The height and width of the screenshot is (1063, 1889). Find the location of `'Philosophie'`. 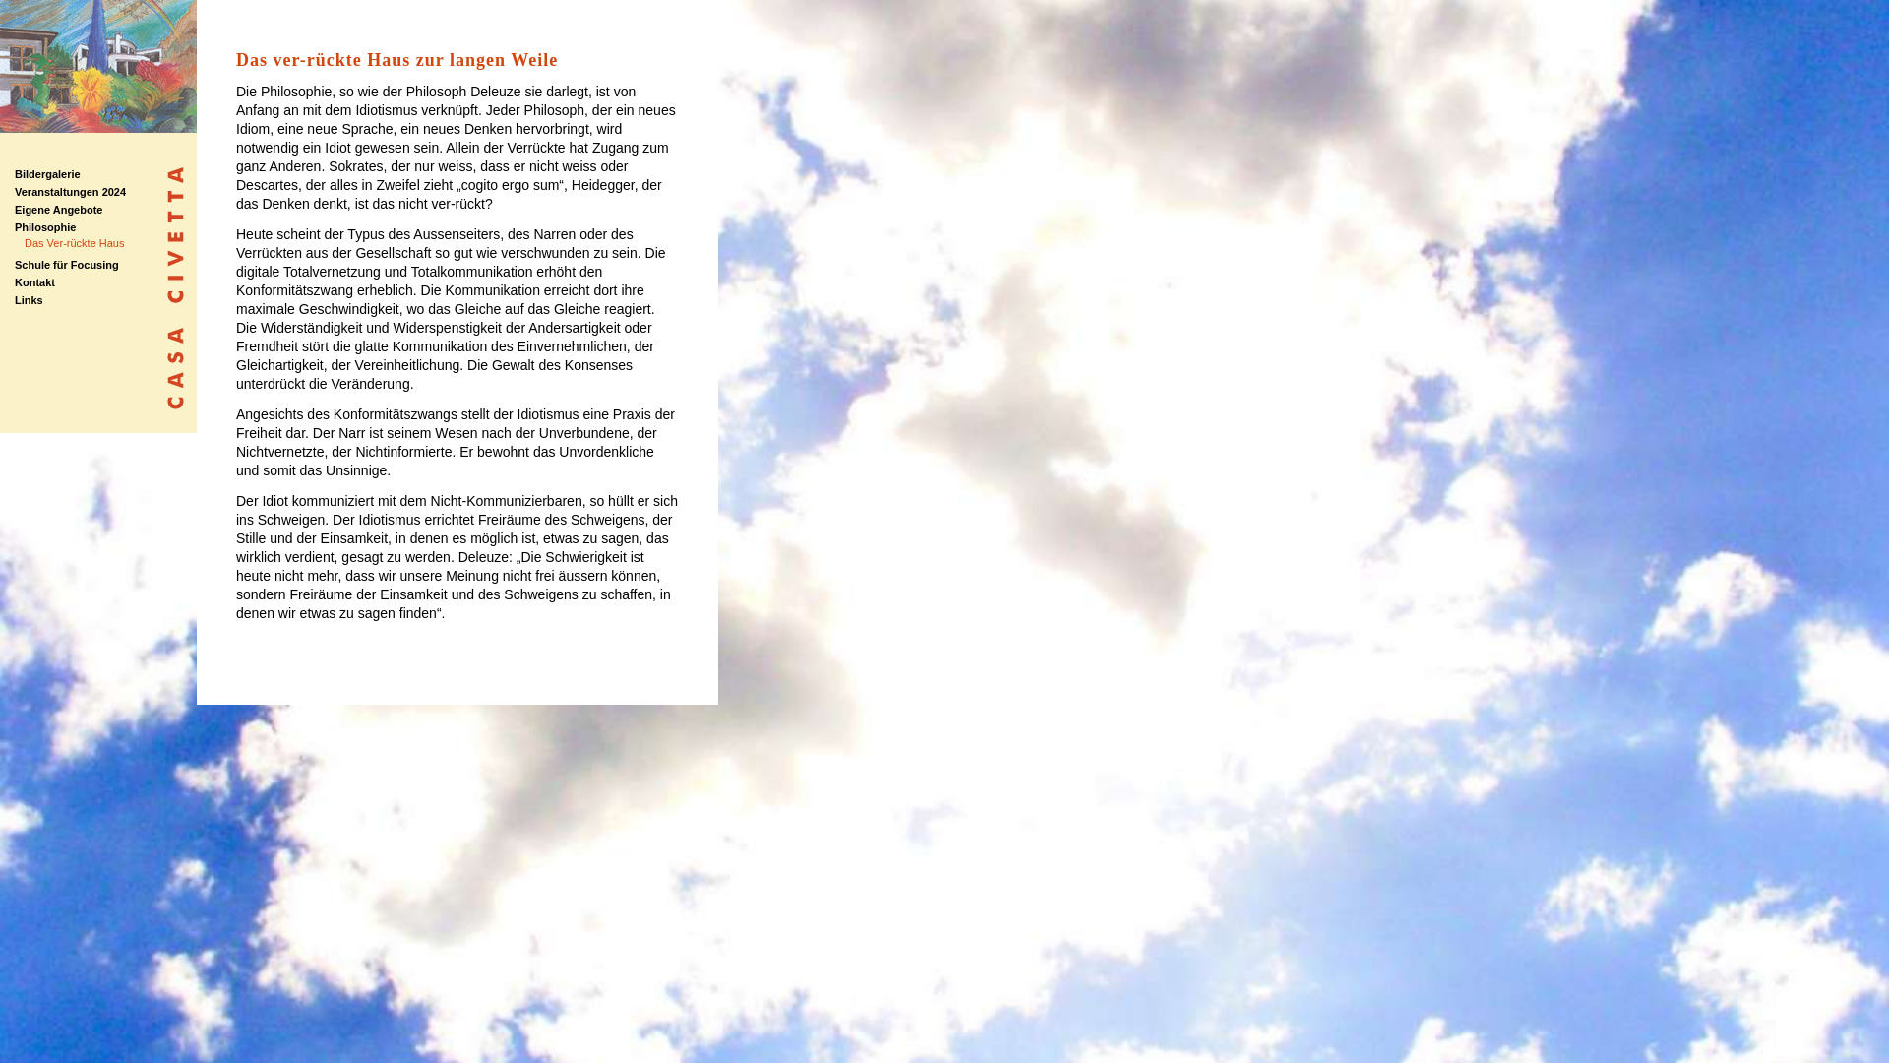

'Philosophie' is located at coordinates (45, 226).